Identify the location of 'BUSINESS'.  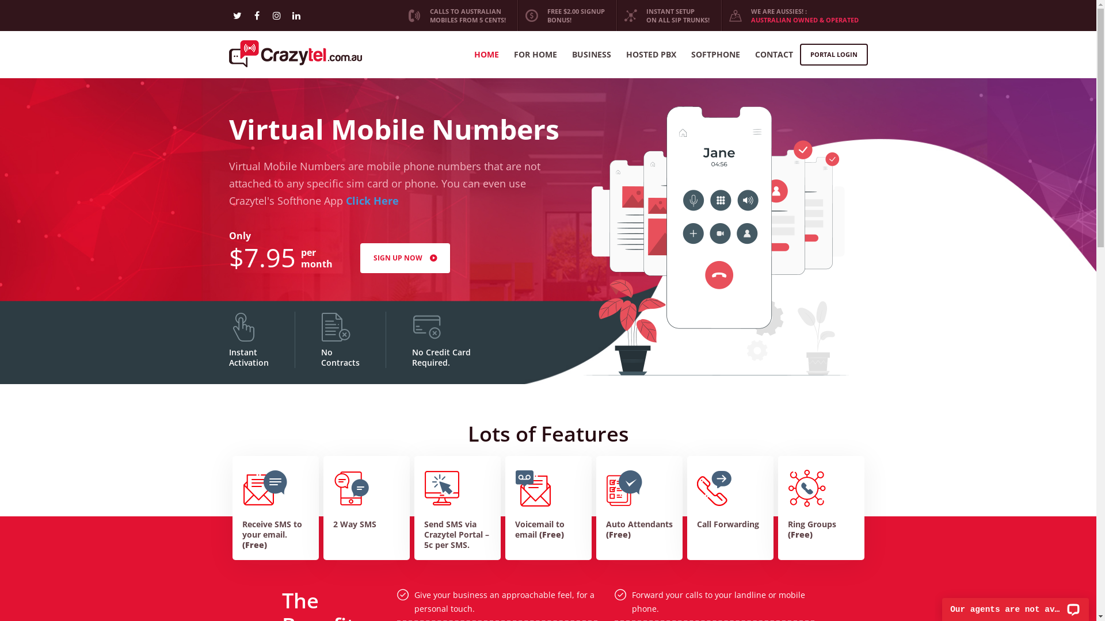
(571, 55).